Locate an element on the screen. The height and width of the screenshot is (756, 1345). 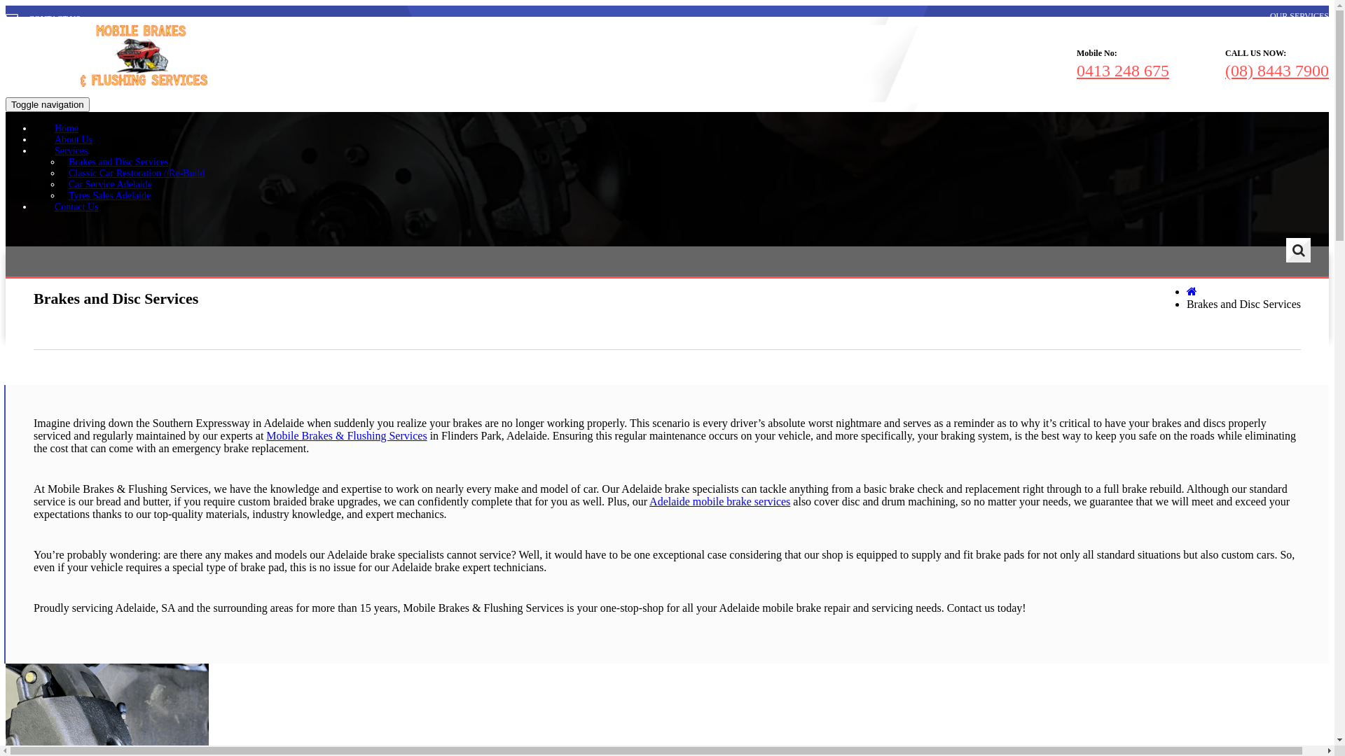
'Brakes and Disc Services' is located at coordinates (118, 161).